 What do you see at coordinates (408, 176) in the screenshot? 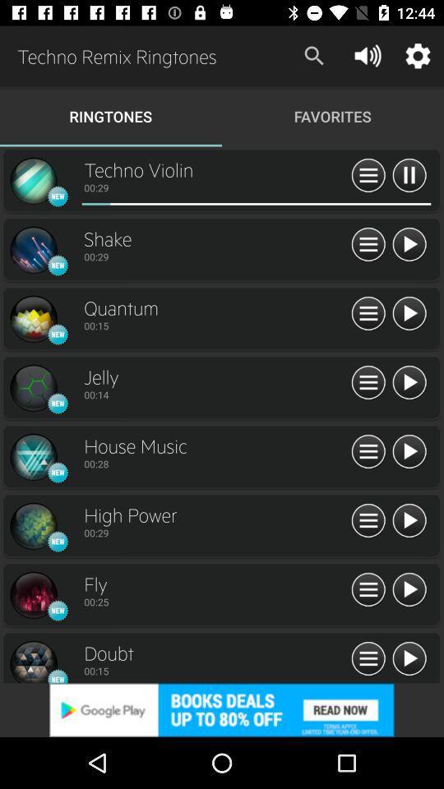
I see `pause the ringtone` at bounding box center [408, 176].